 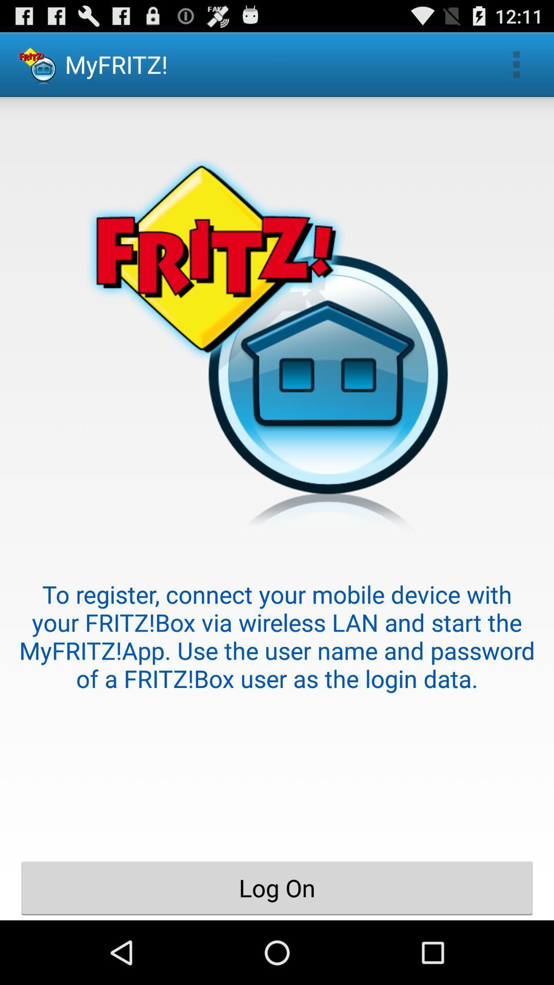 What do you see at coordinates (277, 888) in the screenshot?
I see `log on item` at bounding box center [277, 888].